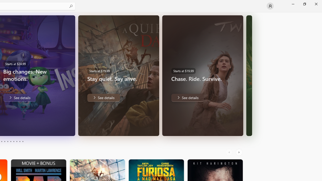 The image size is (322, 181). I want to click on 'AutomationID: LeftScrollButton', so click(229, 152).